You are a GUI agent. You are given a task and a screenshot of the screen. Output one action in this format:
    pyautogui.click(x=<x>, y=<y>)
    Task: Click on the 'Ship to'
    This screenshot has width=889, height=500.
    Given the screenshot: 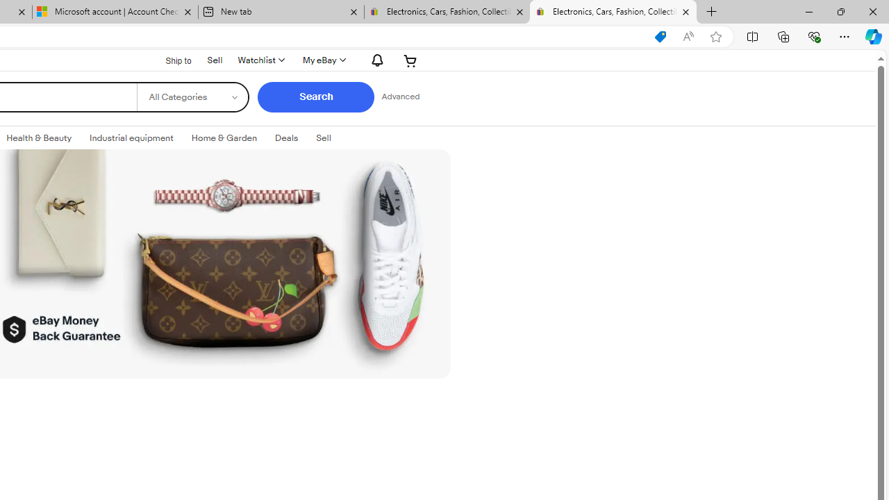 What is the action you would take?
    pyautogui.click(x=169, y=59)
    